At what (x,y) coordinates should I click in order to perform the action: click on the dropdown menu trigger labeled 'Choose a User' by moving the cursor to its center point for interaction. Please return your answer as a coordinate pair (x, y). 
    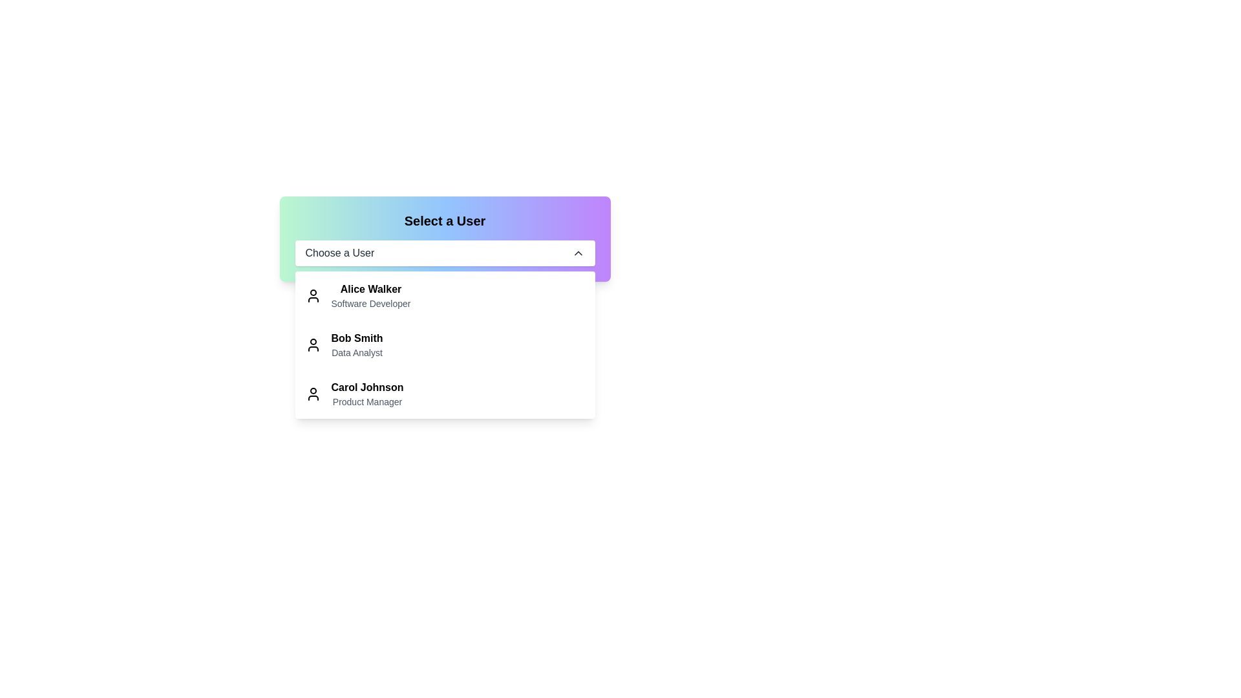
    Looking at the image, I should click on (445, 253).